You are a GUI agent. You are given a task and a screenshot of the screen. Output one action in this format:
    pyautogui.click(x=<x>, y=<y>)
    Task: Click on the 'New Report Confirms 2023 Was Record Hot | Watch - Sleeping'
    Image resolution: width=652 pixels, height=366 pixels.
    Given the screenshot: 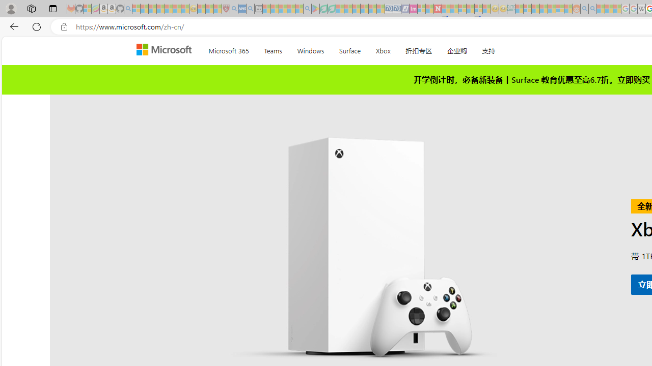 What is the action you would take?
    pyautogui.click(x=169, y=9)
    